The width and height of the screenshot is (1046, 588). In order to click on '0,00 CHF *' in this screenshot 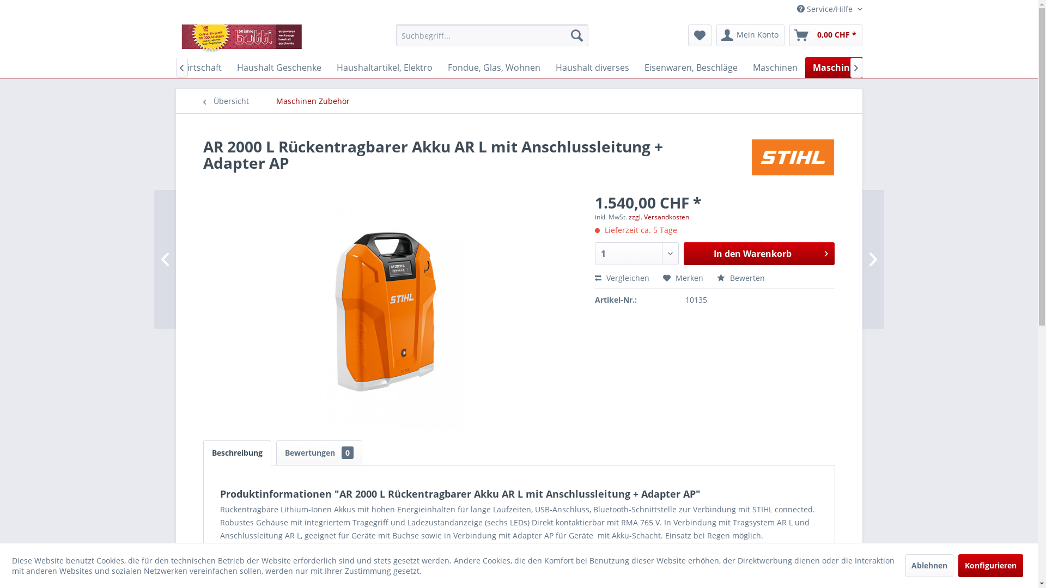, I will do `click(789, 35)`.